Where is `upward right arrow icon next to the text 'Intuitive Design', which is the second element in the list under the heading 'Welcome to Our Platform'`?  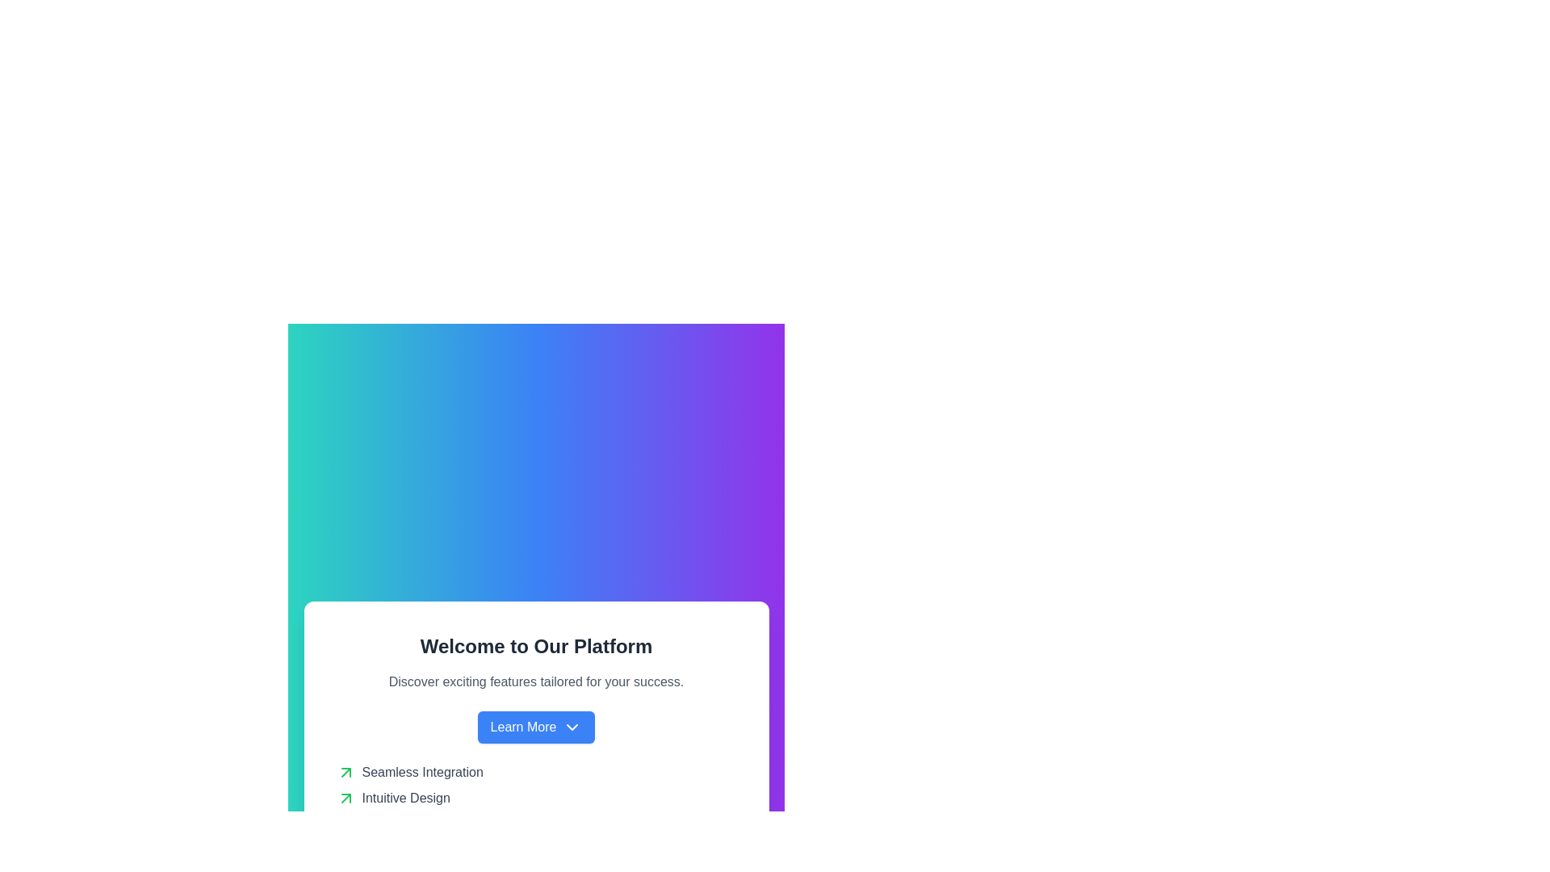 upward right arrow icon next to the text 'Intuitive Design', which is the second element in the list under the heading 'Welcome to Our Platform' is located at coordinates (536, 797).